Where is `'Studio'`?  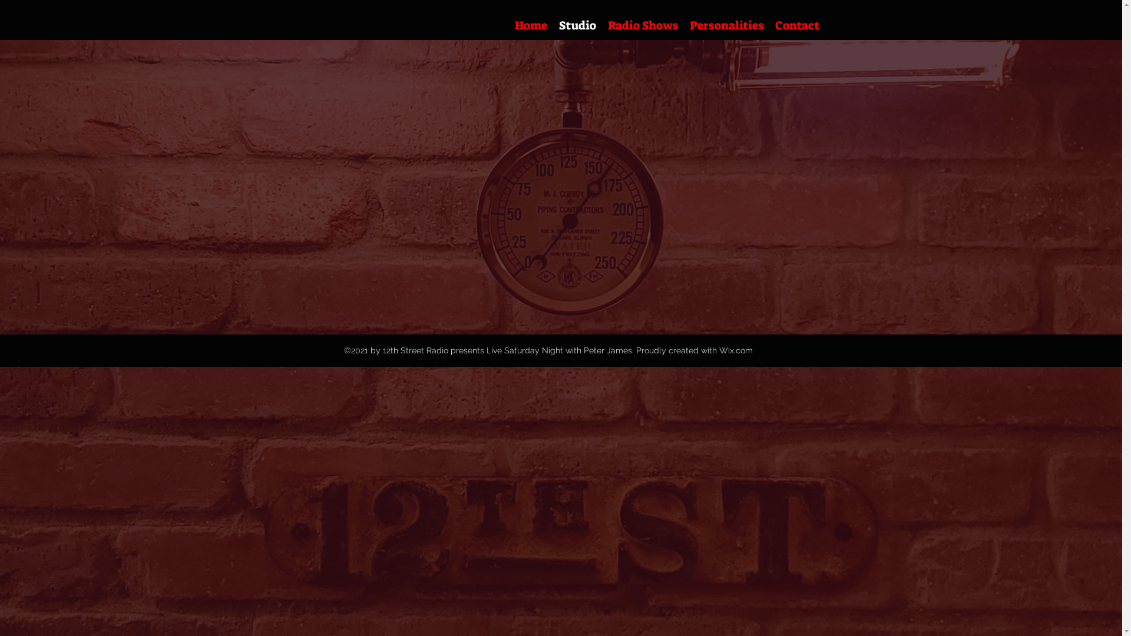
'Studio' is located at coordinates (577, 25).